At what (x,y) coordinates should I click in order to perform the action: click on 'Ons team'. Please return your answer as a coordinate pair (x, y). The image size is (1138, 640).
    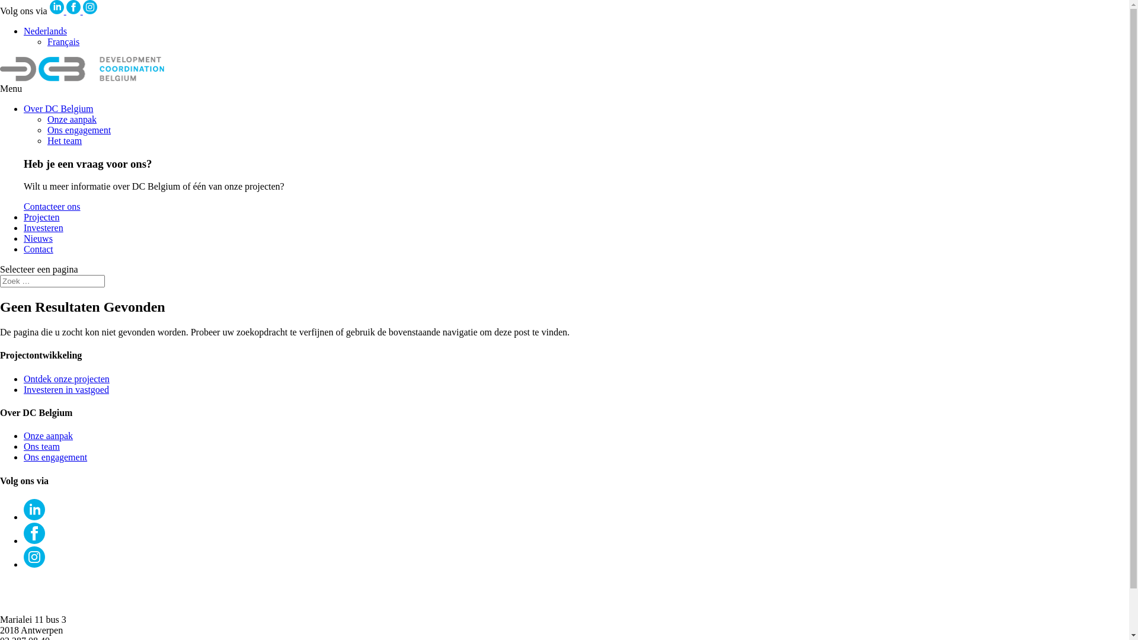
    Looking at the image, I should click on (41, 446).